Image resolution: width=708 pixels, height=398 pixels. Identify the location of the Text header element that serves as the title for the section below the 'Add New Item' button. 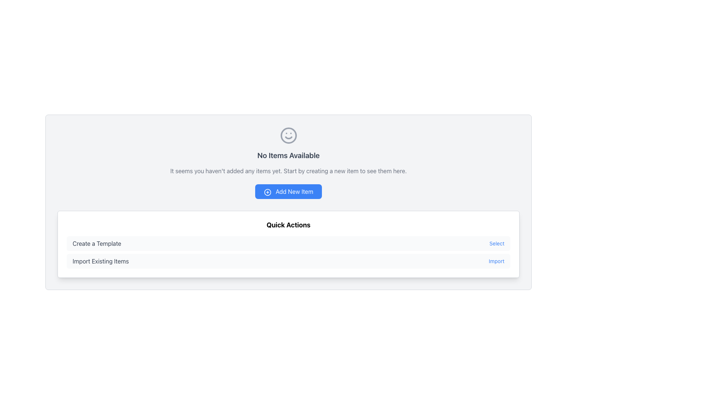
(288, 224).